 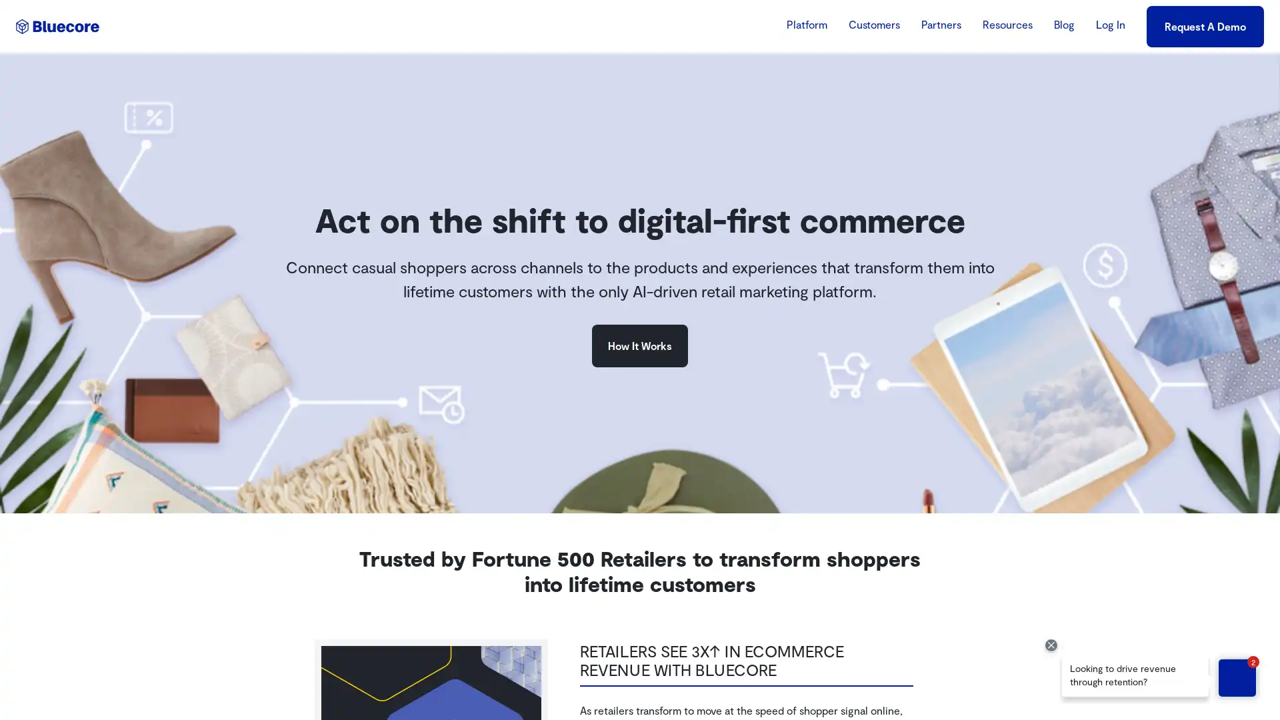 I want to click on Open chat with Bluebot in the Drift Widget messenger - Unread messages: 2, so click(x=1237, y=678).